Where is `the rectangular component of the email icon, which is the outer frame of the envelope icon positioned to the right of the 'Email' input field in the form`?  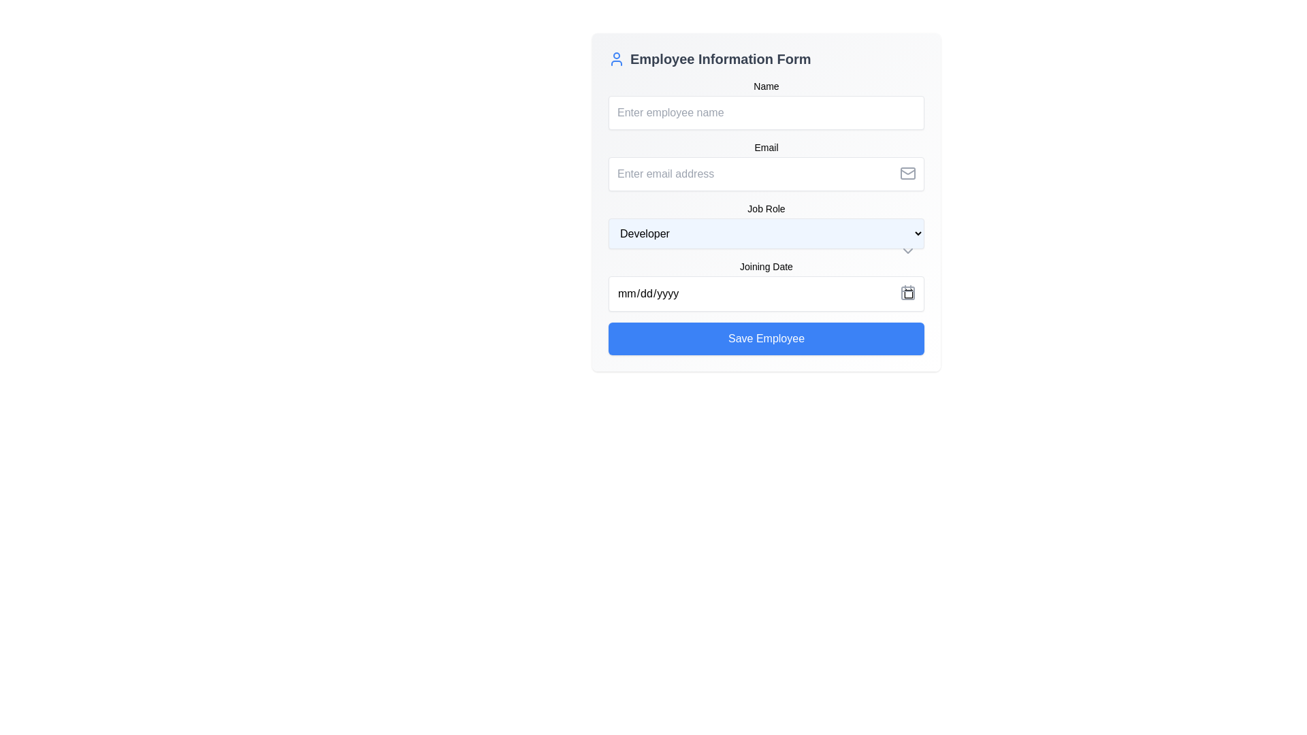 the rectangular component of the email icon, which is the outer frame of the envelope icon positioned to the right of the 'Email' input field in the form is located at coordinates (908, 172).